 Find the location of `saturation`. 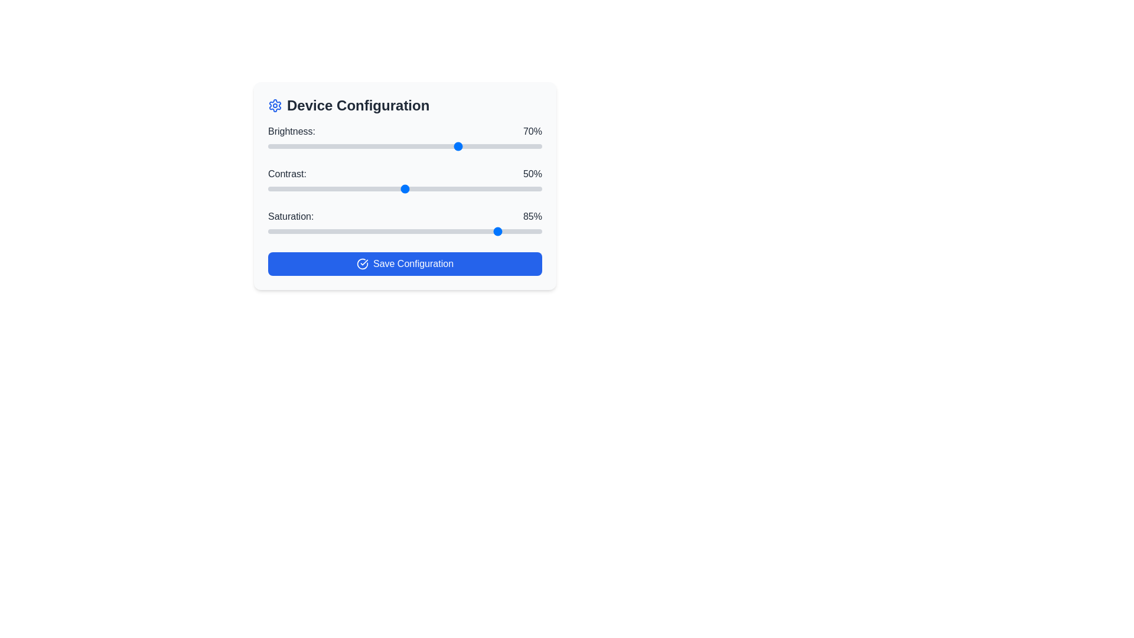

saturation is located at coordinates (312, 232).